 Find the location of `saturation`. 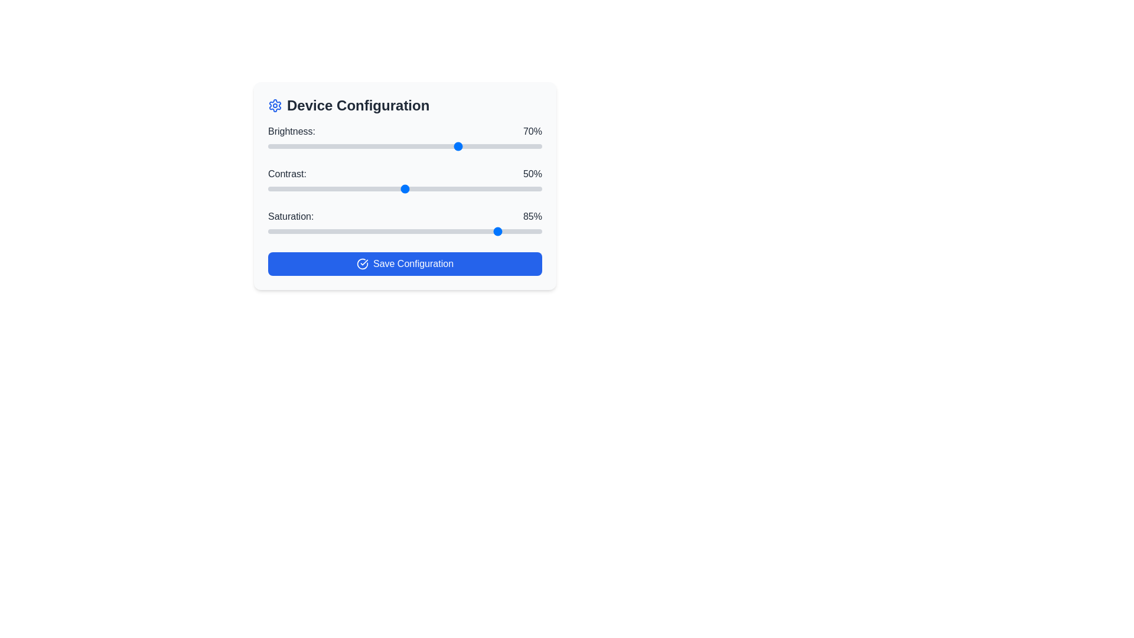

saturation is located at coordinates (312, 232).